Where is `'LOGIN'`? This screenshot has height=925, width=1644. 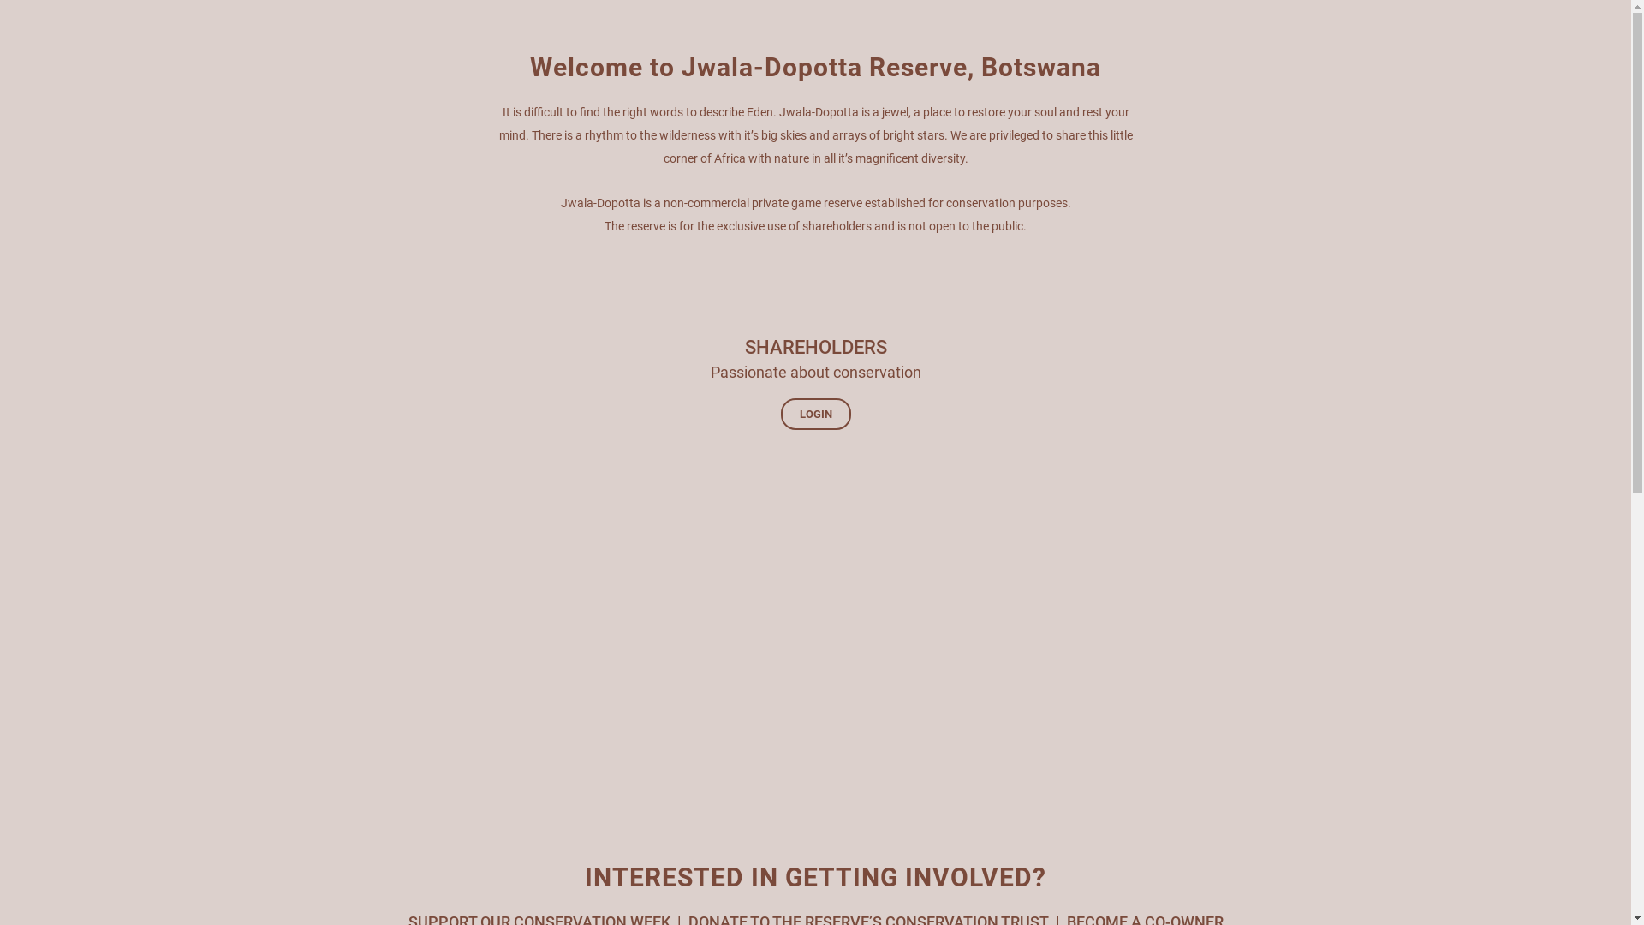
'LOGIN' is located at coordinates (815, 414).